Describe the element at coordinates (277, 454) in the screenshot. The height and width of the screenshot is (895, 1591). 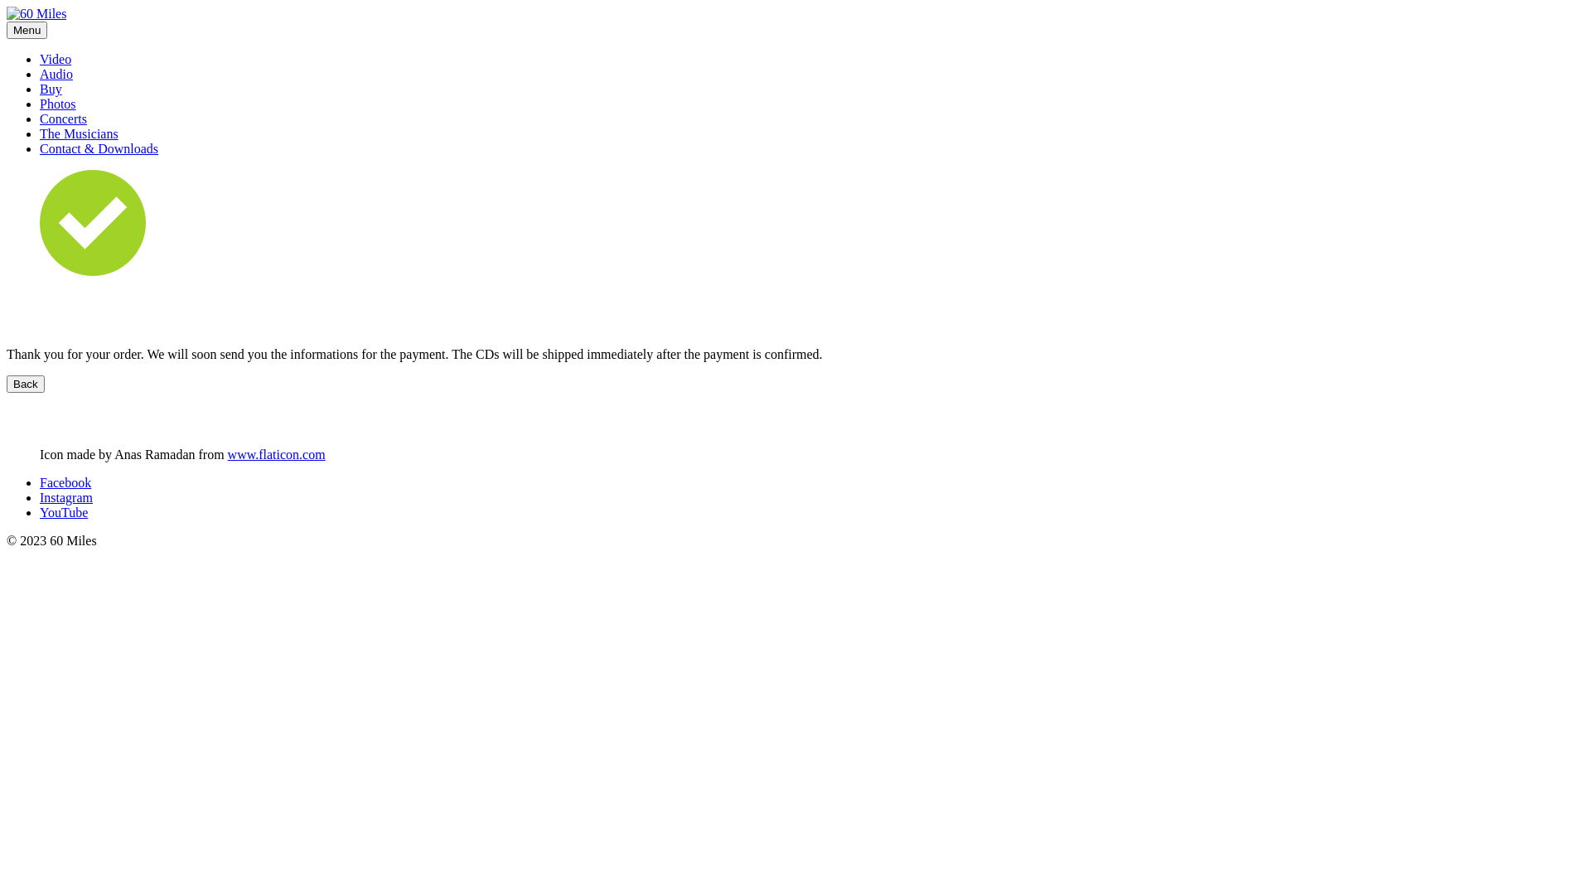
I see `'www.flaticon.com'` at that location.